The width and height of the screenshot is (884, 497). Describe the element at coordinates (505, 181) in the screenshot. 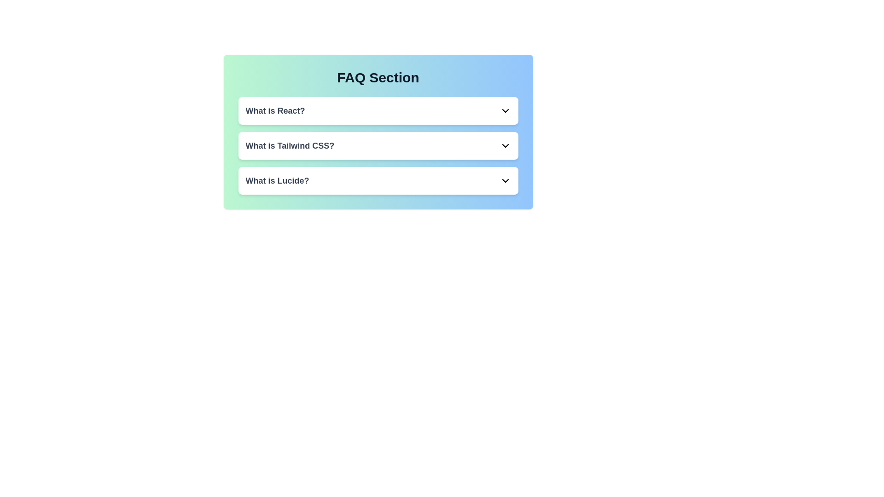

I see `the chevron icon corresponding to the FAQ titled 'What is Lucide?' to toggle its expansion state` at that location.